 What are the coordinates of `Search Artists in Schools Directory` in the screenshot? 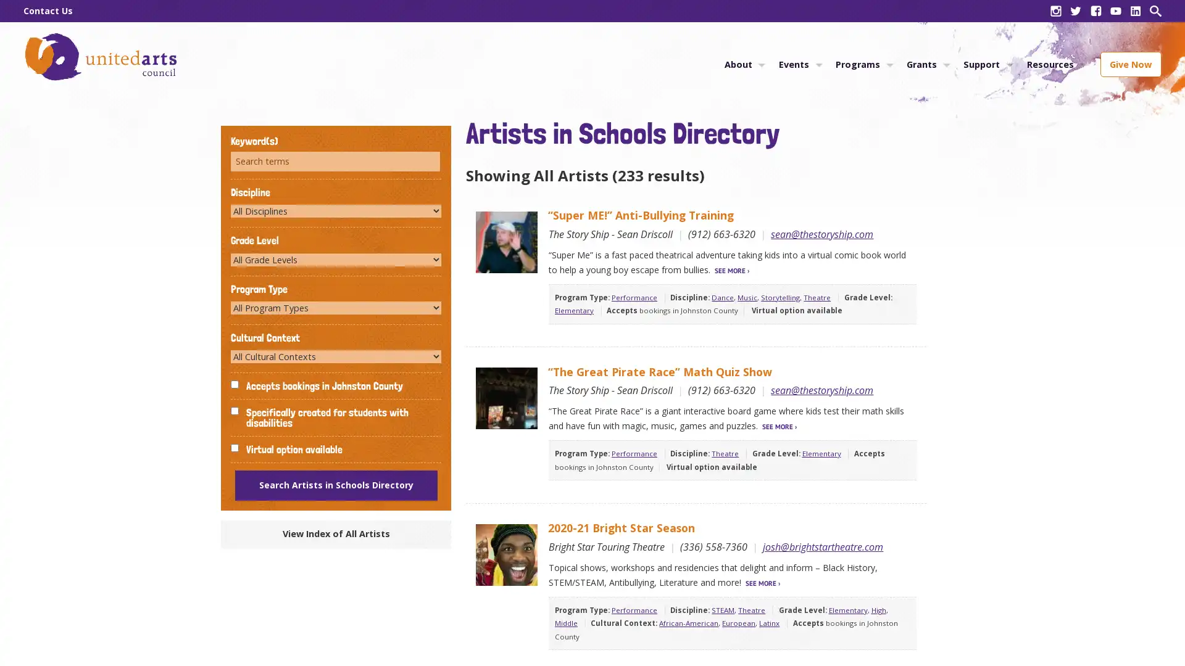 It's located at (335, 484).